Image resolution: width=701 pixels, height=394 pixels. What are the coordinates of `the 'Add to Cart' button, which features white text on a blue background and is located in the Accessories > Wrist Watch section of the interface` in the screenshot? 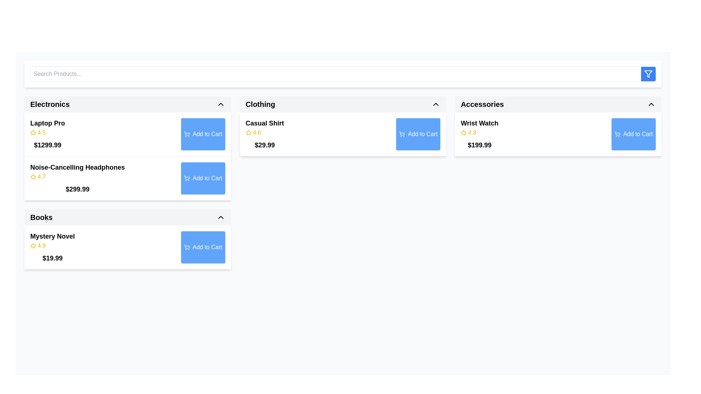 It's located at (637, 134).